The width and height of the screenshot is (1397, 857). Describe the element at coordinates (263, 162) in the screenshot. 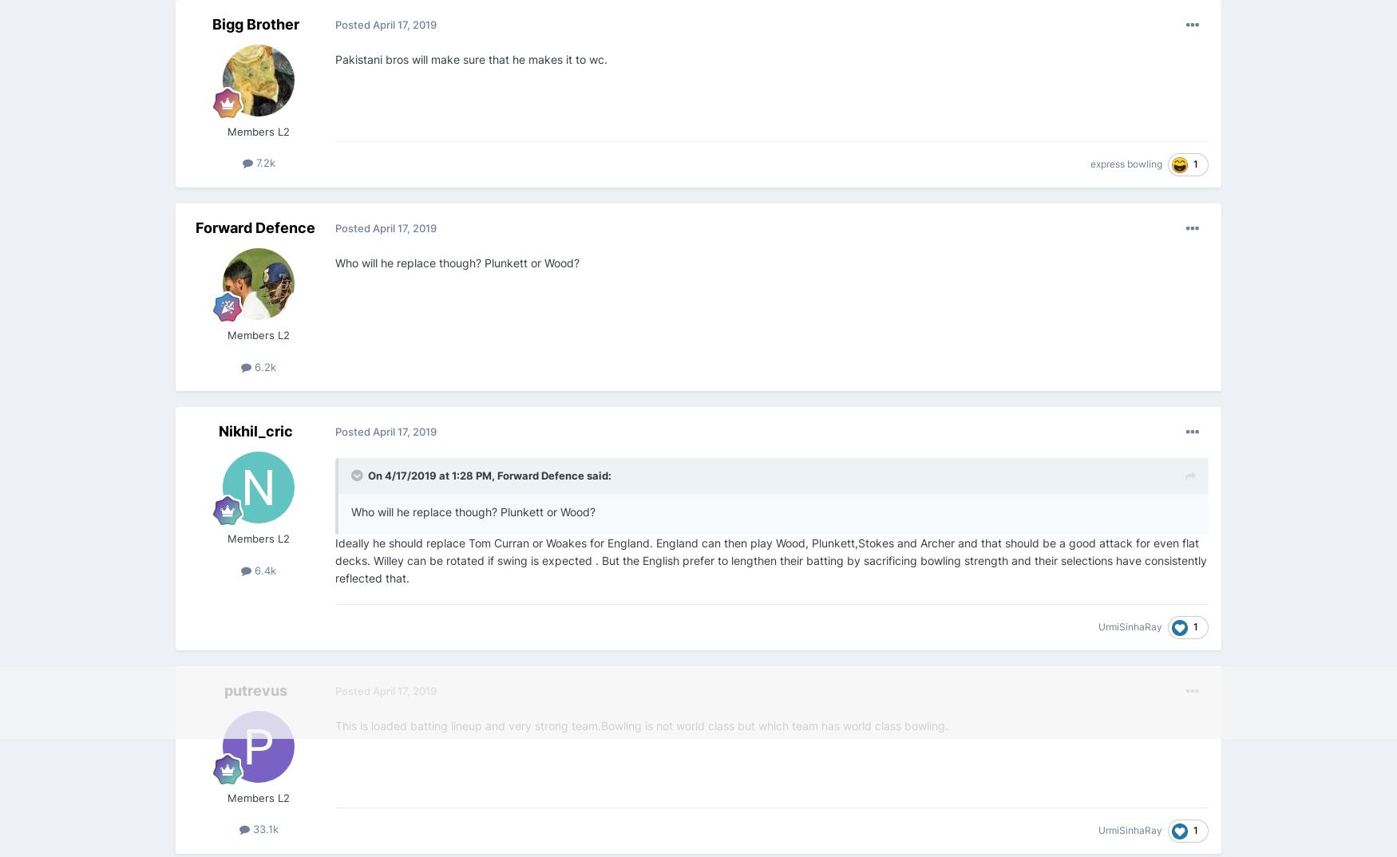

I see `'7.2k'` at that location.